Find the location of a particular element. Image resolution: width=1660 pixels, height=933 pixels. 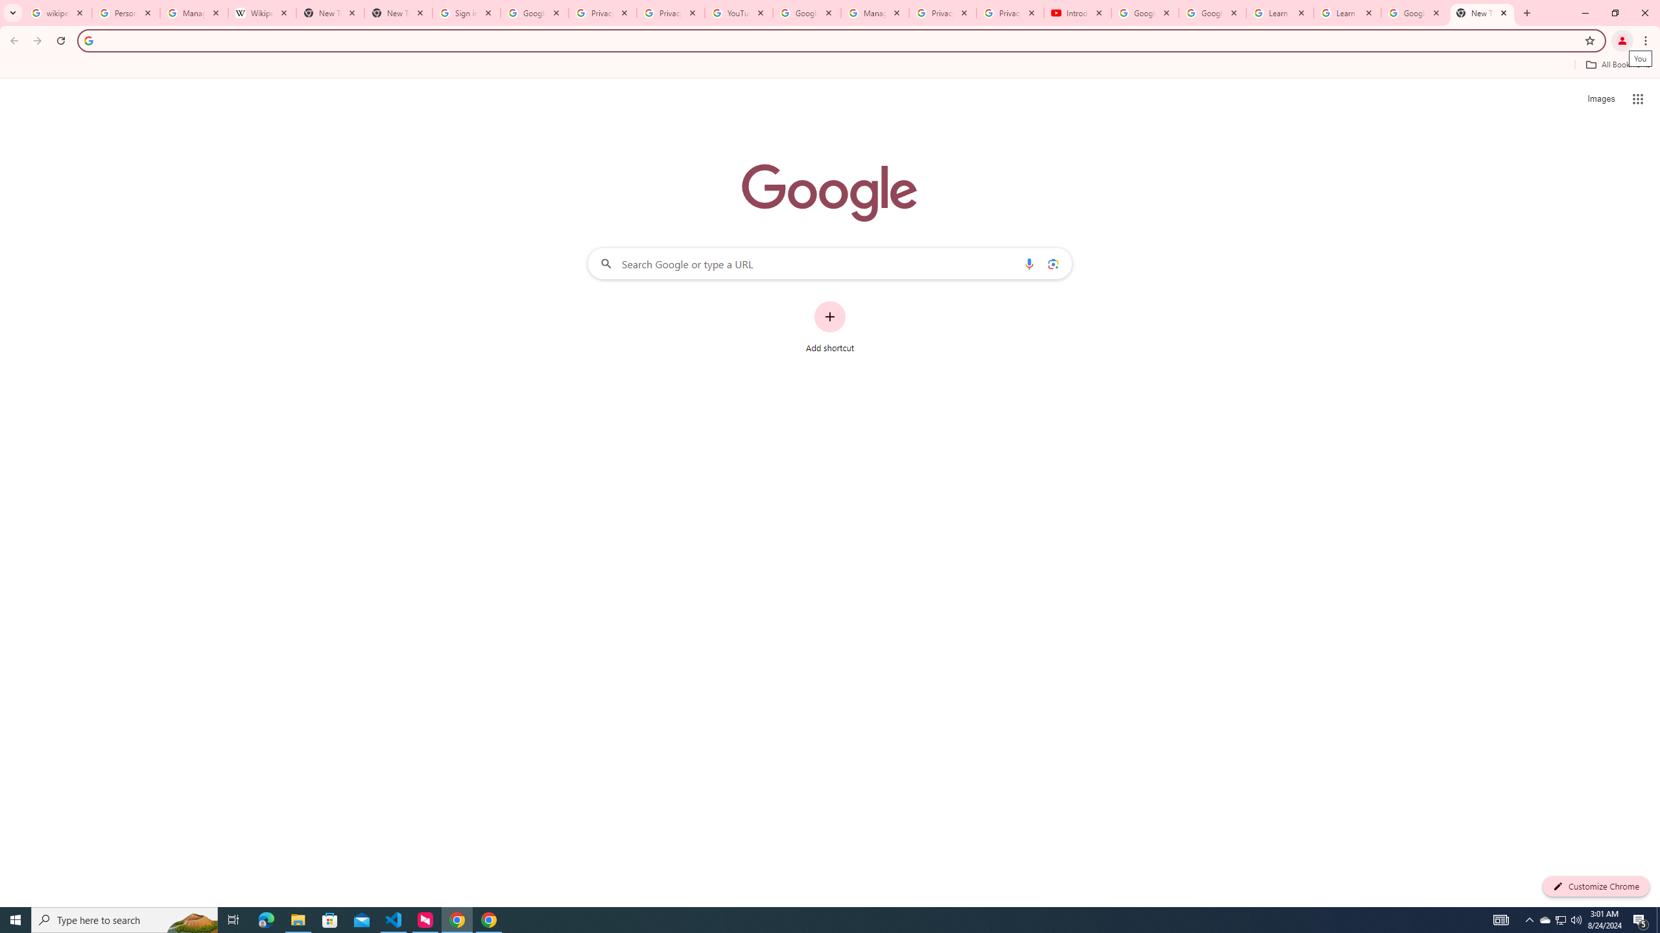

'Google Drive: Sign-in' is located at coordinates (534, 12).